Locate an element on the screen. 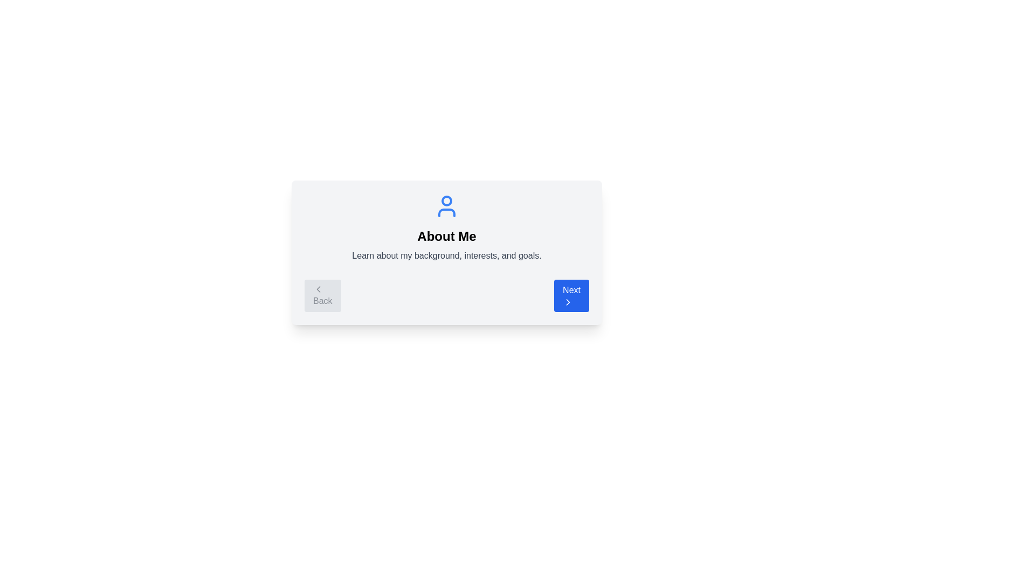 This screenshot has width=1035, height=582. the abstract user icon located at the top center of the card-like component that contains a title and description is located at coordinates (447, 206).